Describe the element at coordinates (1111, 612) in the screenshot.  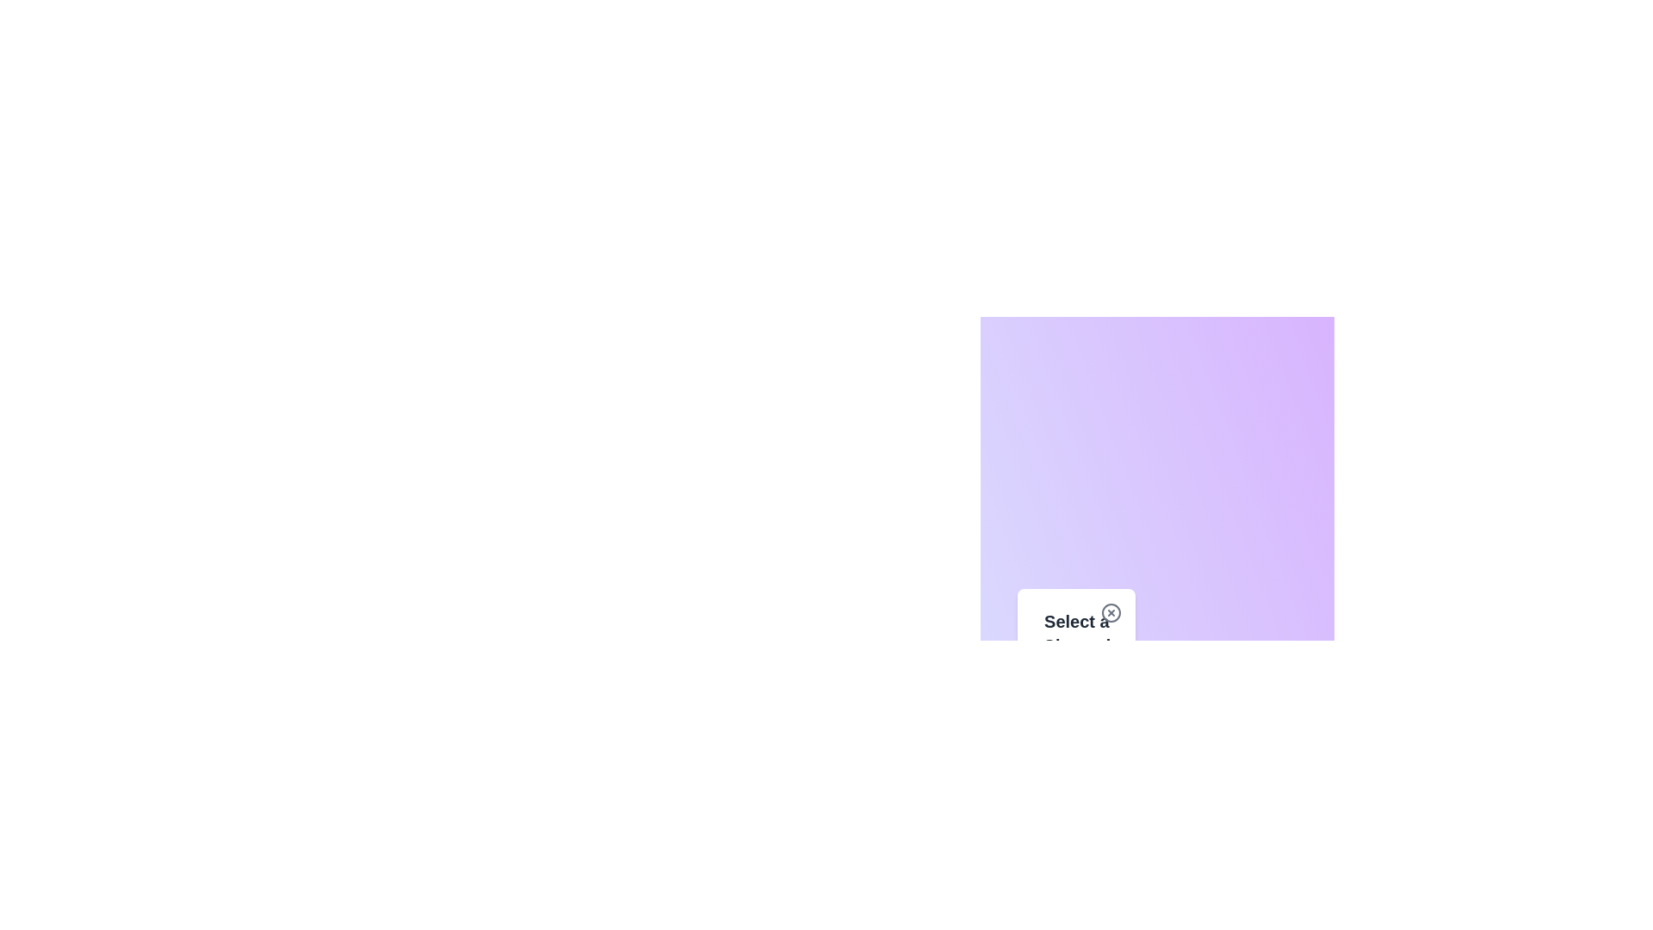
I see `the close icon represented by a circular shape with a cross inside, located at the top-right corner of the purple background area` at that location.